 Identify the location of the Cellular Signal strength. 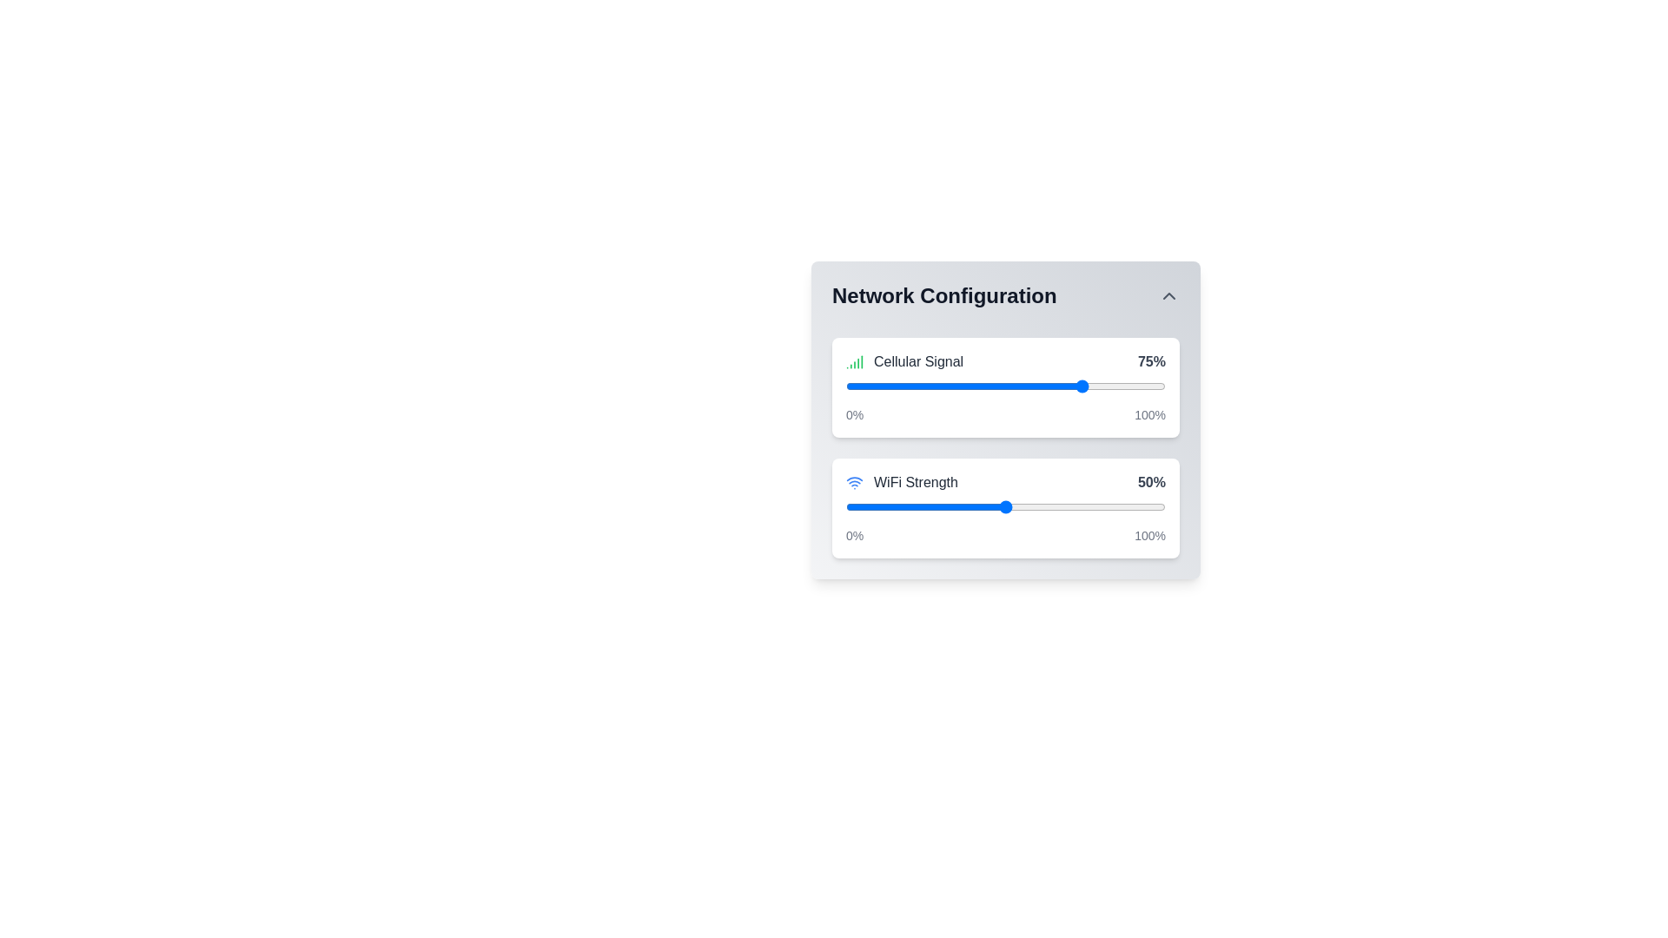
(903, 385).